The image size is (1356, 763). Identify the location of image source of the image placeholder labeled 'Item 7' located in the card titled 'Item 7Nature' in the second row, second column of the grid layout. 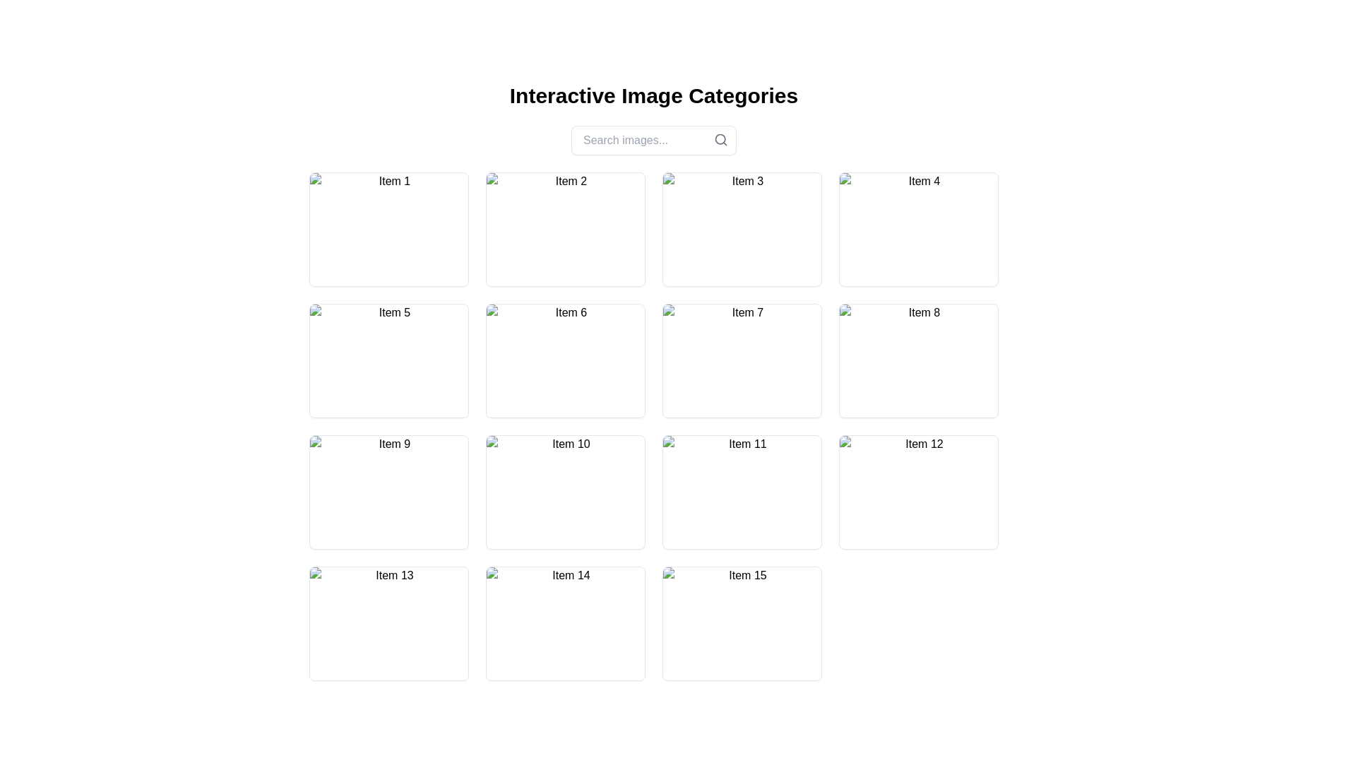
(742, 360).